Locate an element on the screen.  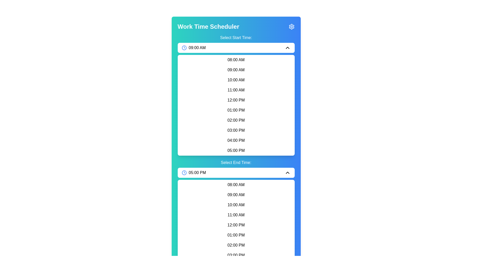
the selectable list item displaying '01:00 PM', which is the 6th option in the vertical list of time slots is located at coordinates (236, 235).